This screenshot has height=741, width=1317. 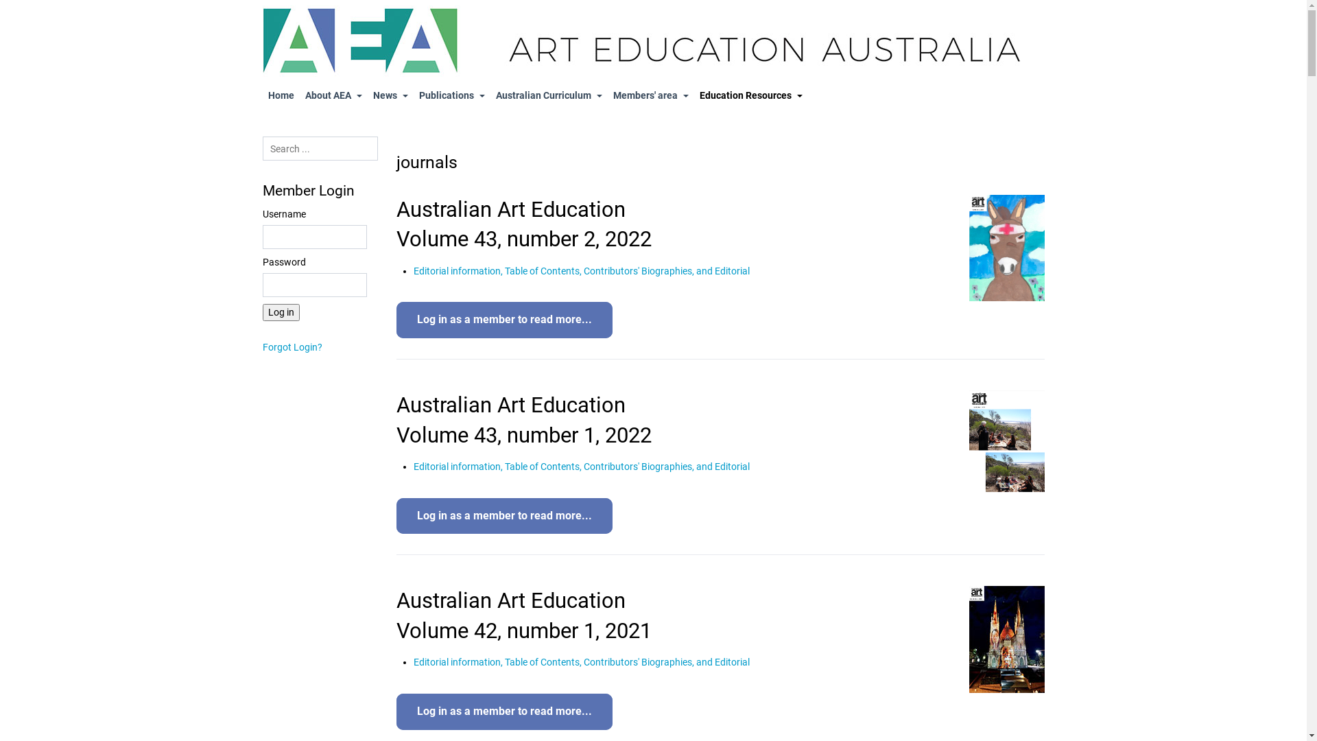 What do you see at coordinates (333, 95) in the screenshot?
I see `'About AEA'` at bounding box center [333, 95].